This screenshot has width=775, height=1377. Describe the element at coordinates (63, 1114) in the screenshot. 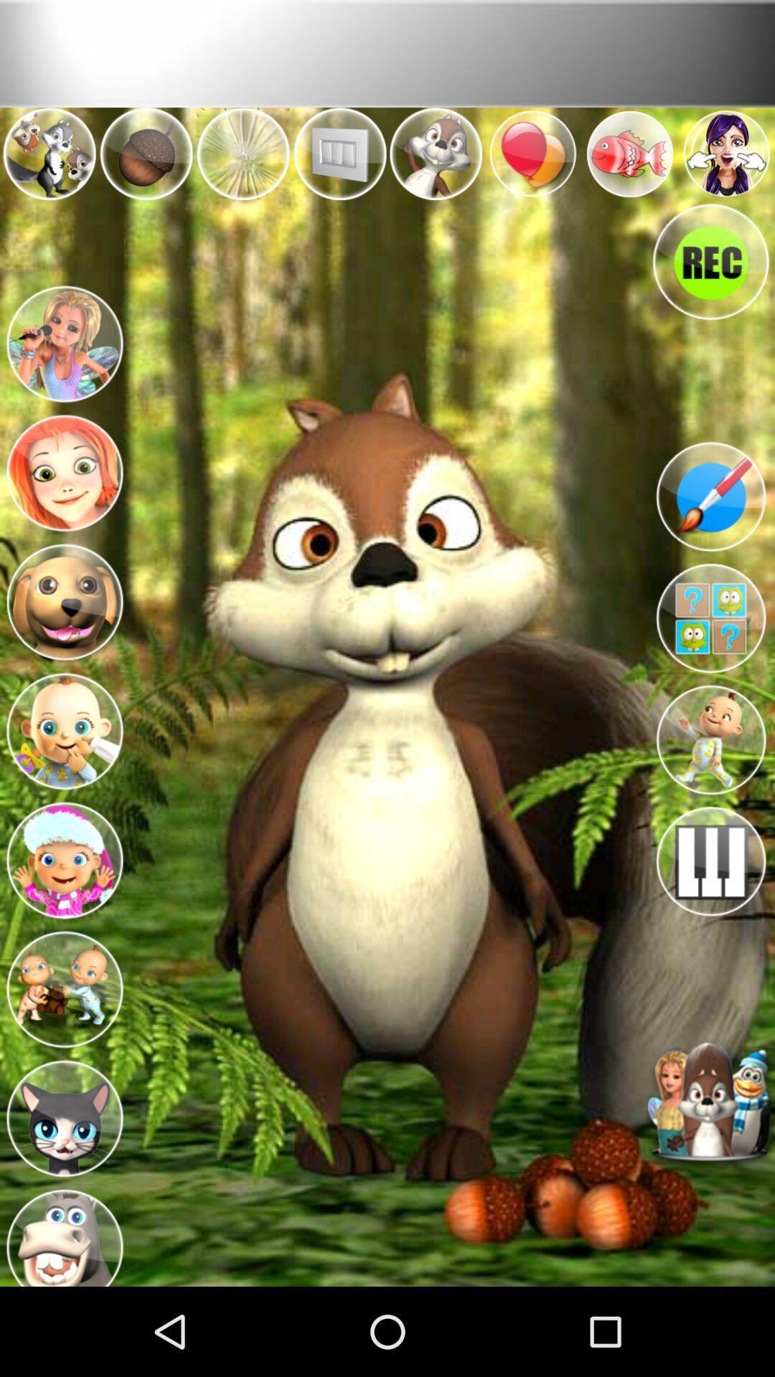

I see `character` at that location.